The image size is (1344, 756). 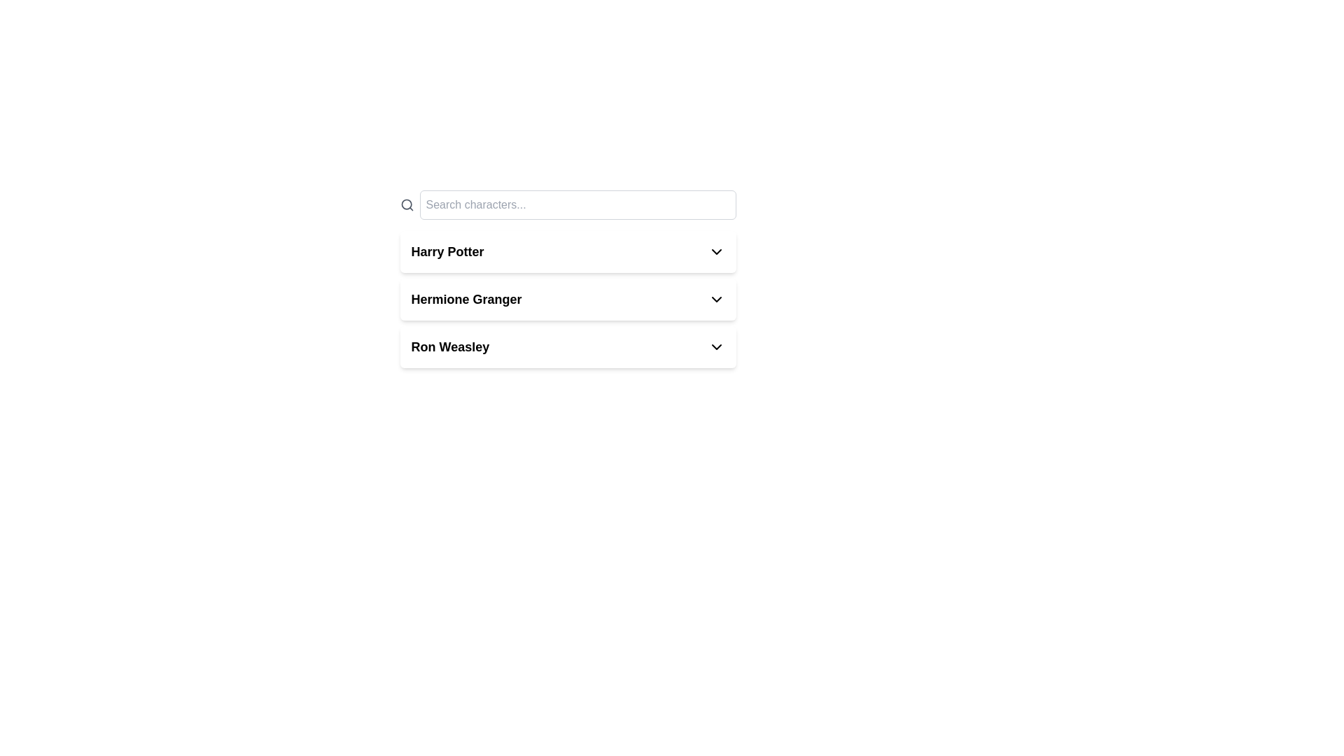 What do you see at coordinates (716, 346) in the screenshot?
I see `the downward-facing chevron icon in the 'Ron Weasley' section` at bounding box center [716, 346].